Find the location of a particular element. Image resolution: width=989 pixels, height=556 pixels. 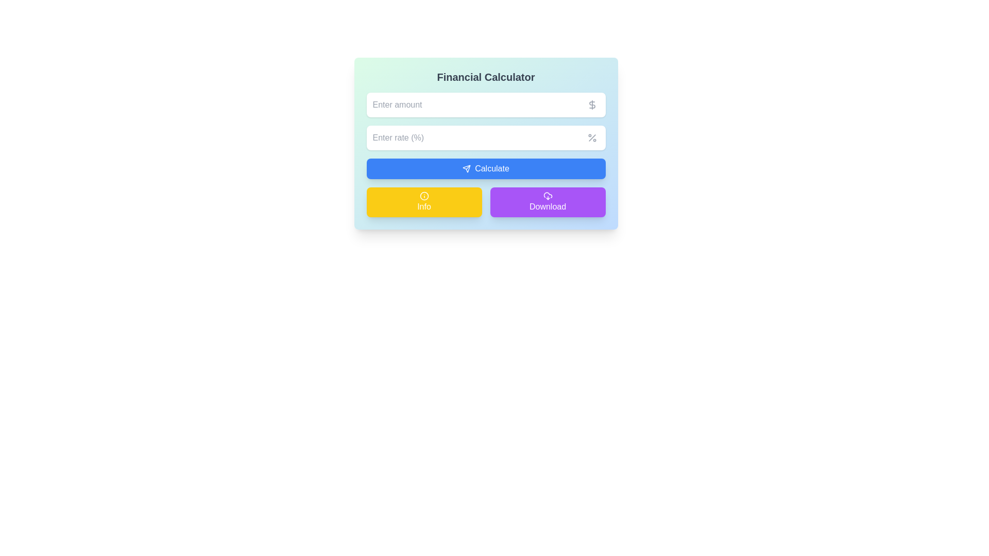

the visual indicator icon located slightly to the left of the center of the 'Calculate' button in the second row of buttons beneath the input fields is located at coordinates (466, 168).